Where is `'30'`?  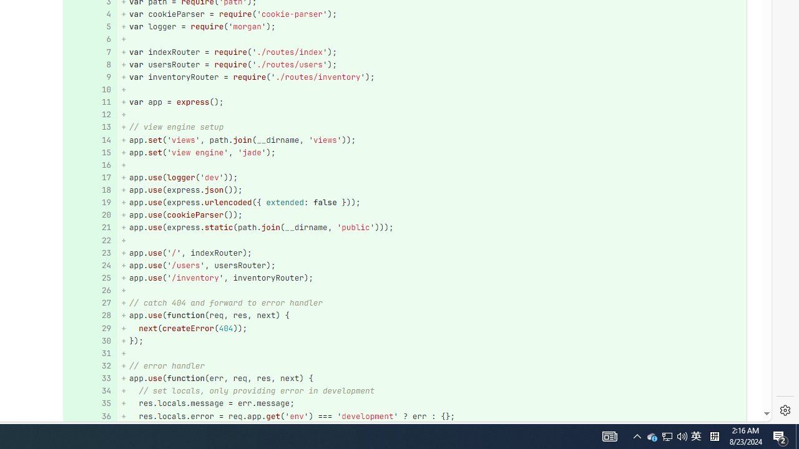
'30' is located at coordinates (88, 340).